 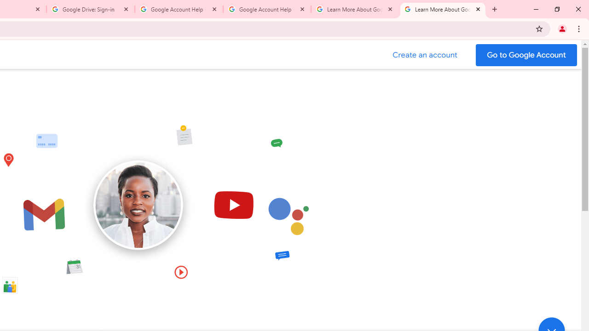 I want to click on 'Create a Google Account', so click(x=425, y=55).